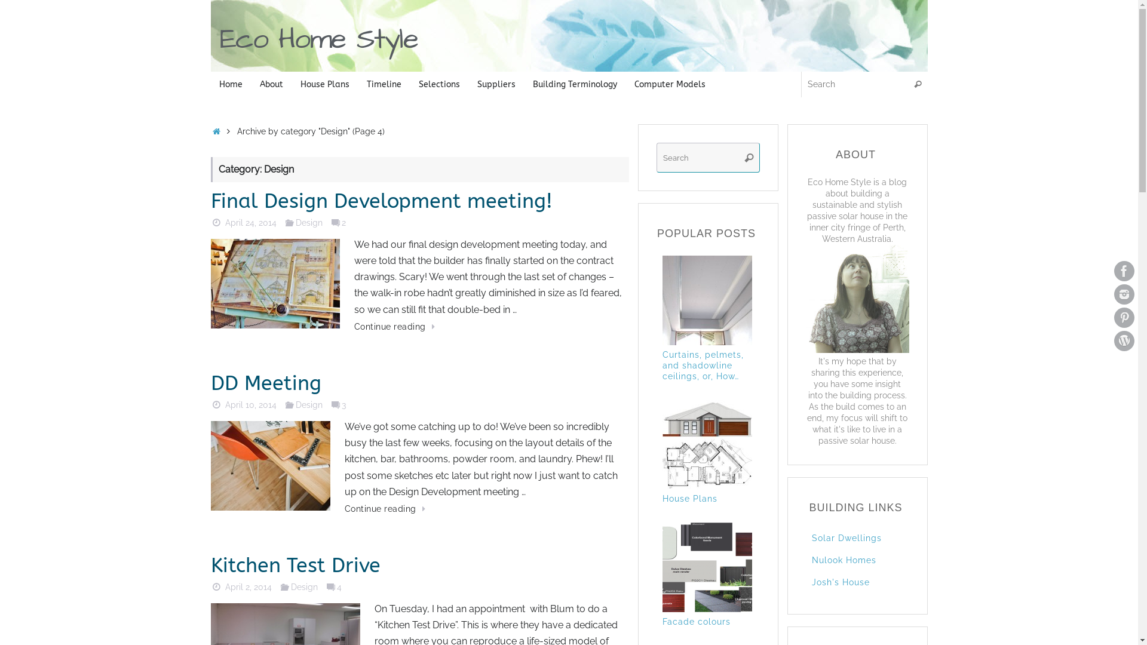 This screenshot has height=645, width=1147. Describe the element at coordinates (250, 404) in the screenshot. I see `'April 10, 2014'` at that location.